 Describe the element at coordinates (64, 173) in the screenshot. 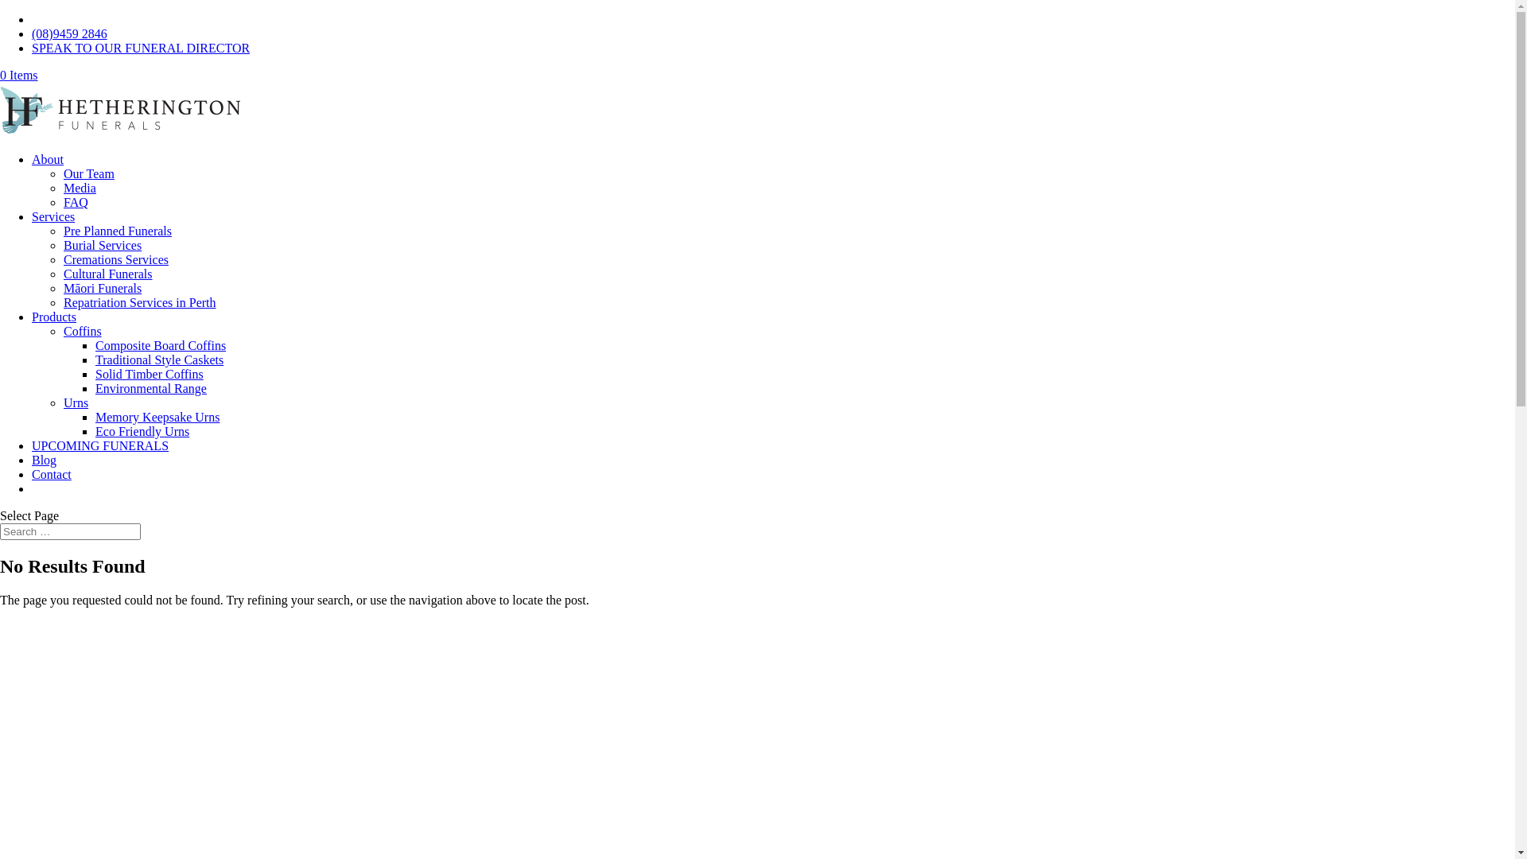

I see `'Our Team'` at that location.